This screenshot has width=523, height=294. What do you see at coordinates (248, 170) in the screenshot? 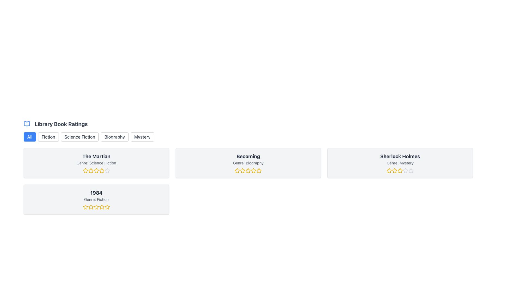
I see `the third star icon in the rating section of the 'Becoming' book card` at bounding box center [248, 170].